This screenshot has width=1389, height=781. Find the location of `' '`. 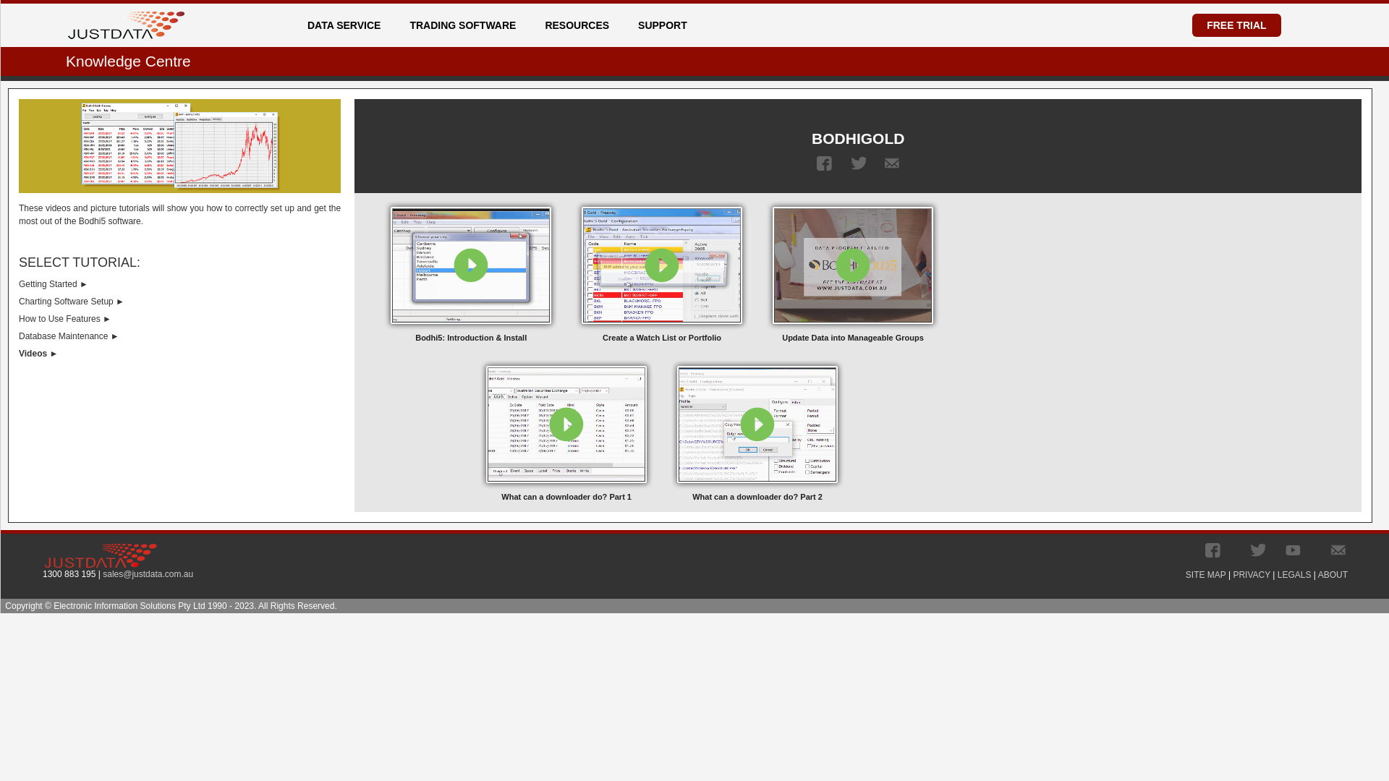

' ' is located at coordinates (816, 163).